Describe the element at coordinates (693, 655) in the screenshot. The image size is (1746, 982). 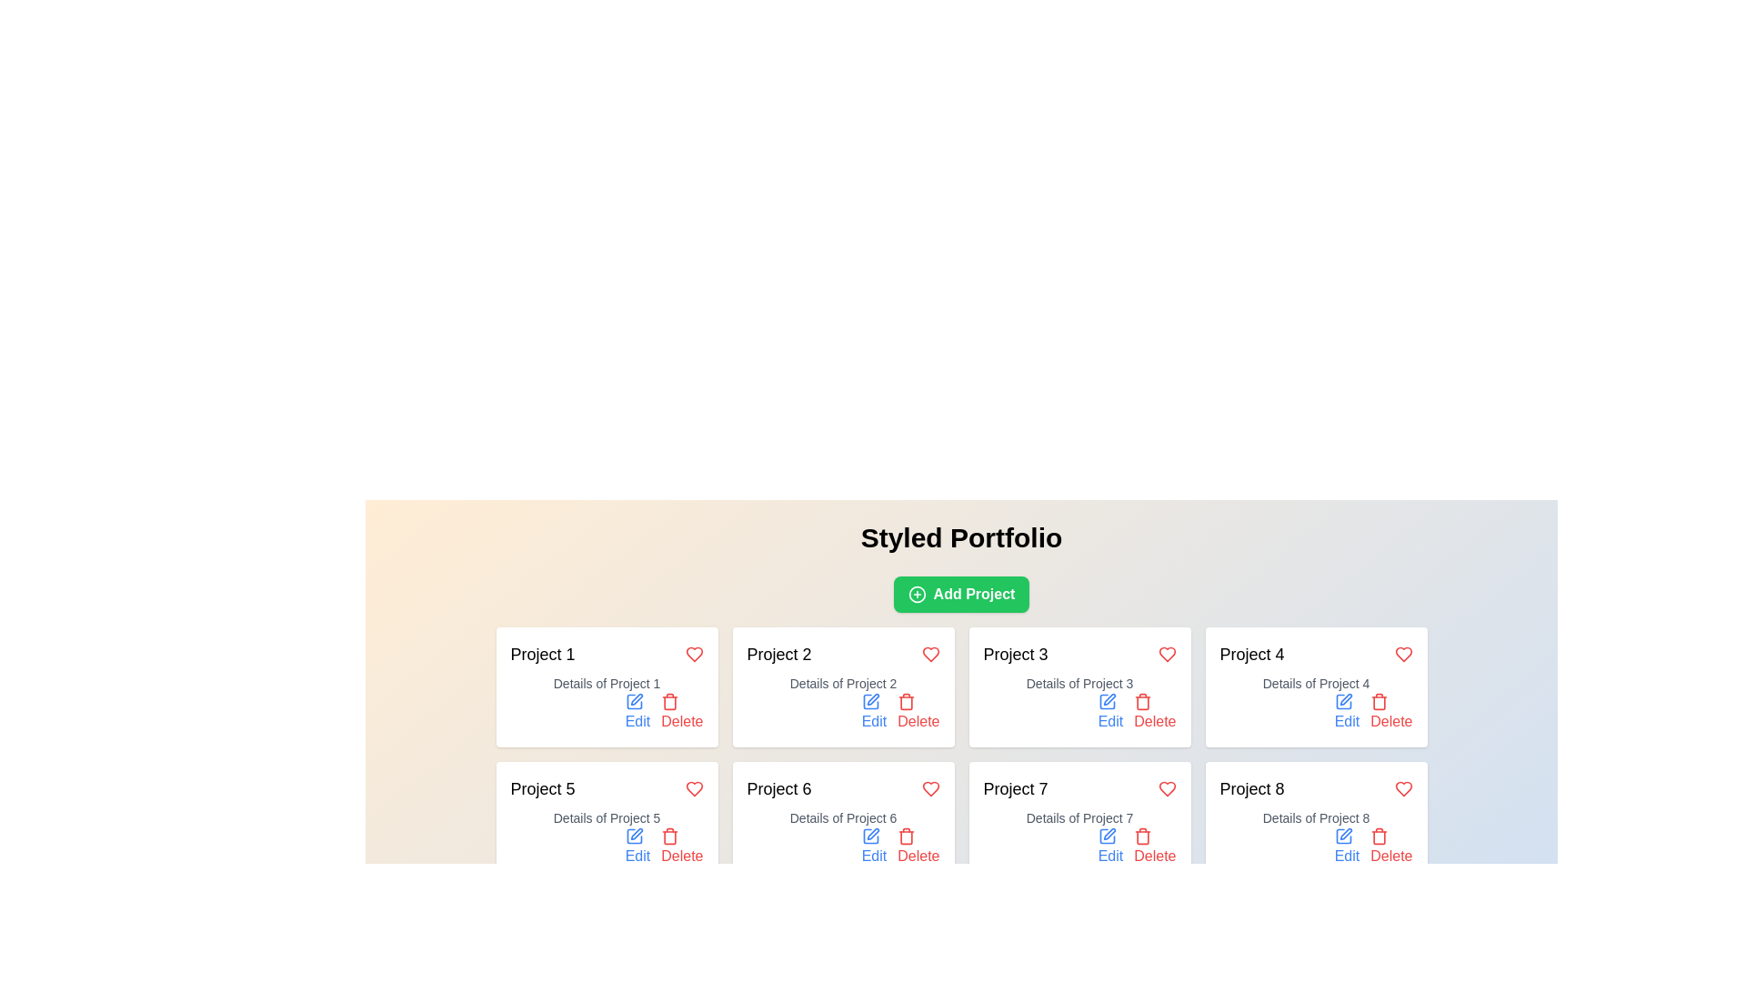
I see `the like button for 'Project 1'` at that location.